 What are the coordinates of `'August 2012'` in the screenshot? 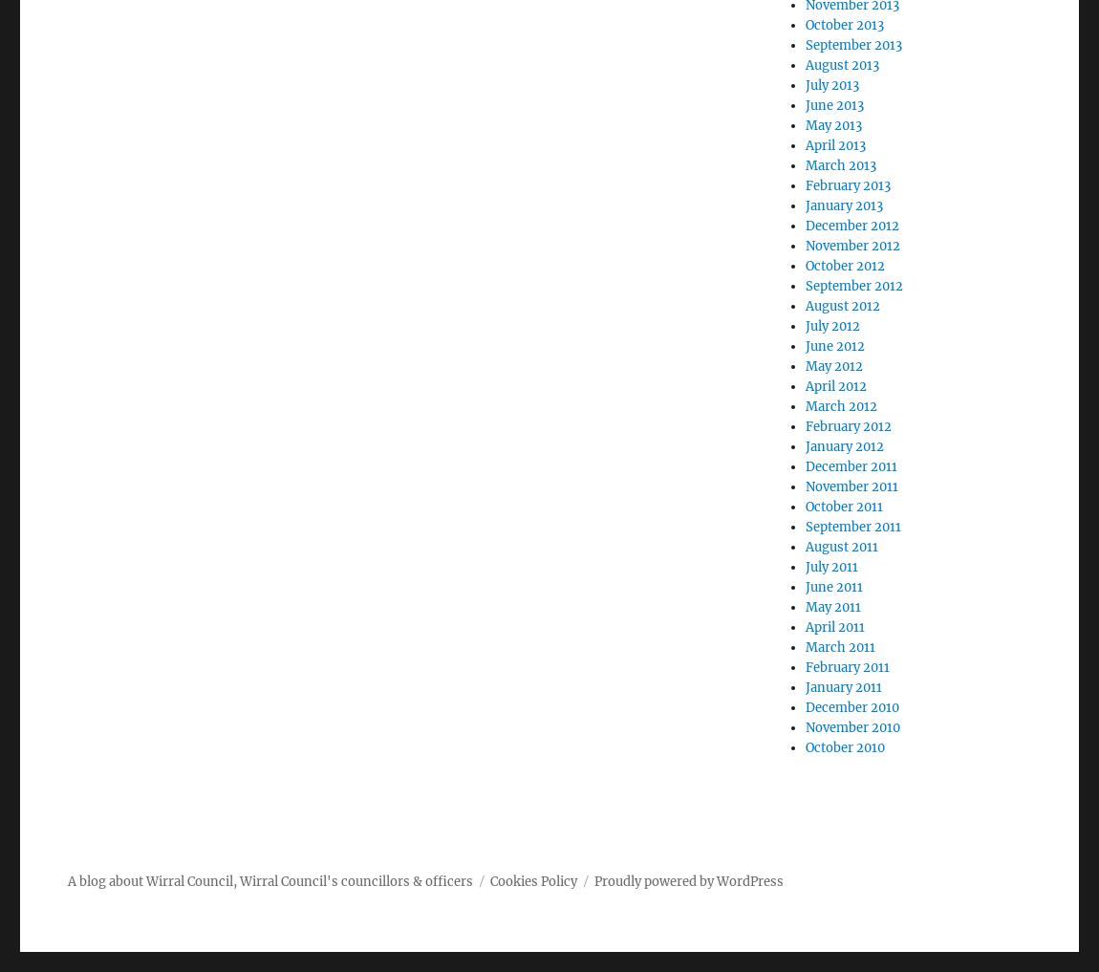 It's located at (804, 306).